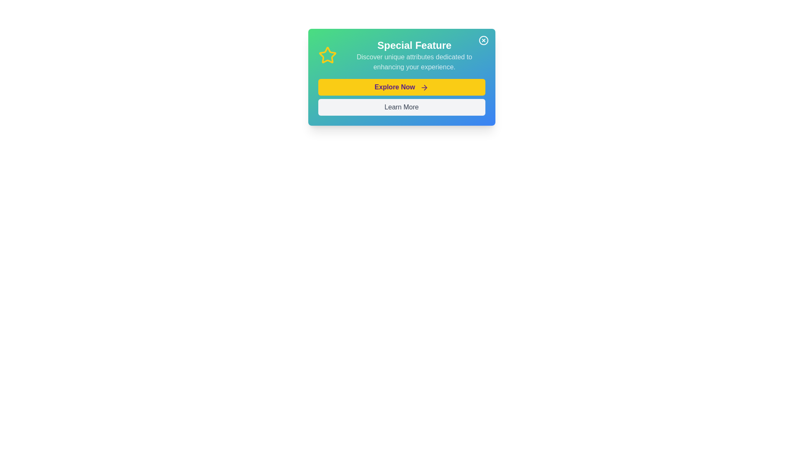  What do you see at coordinates (414, 45) in the screenshot?
I see `the heading element displaying 'Special Feature' in bold white font, which is positioned at the upper-central region of the interface` at bounding box center [414, 45].